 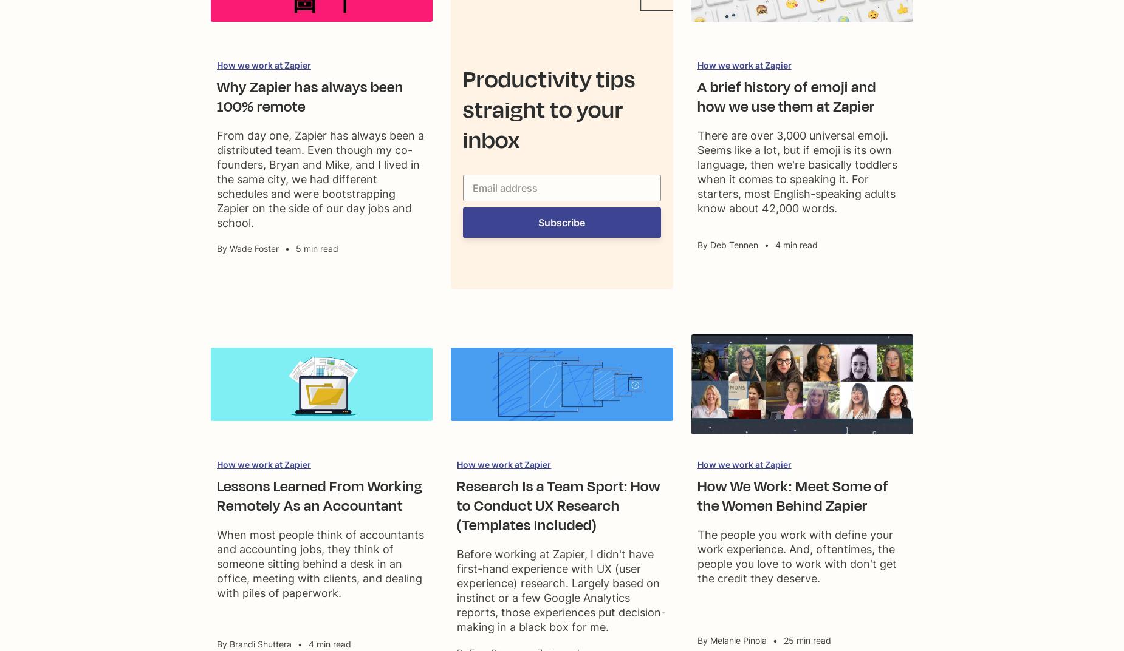 I want to click on 'Brandi Shuttera', so click(x=260, y=644).